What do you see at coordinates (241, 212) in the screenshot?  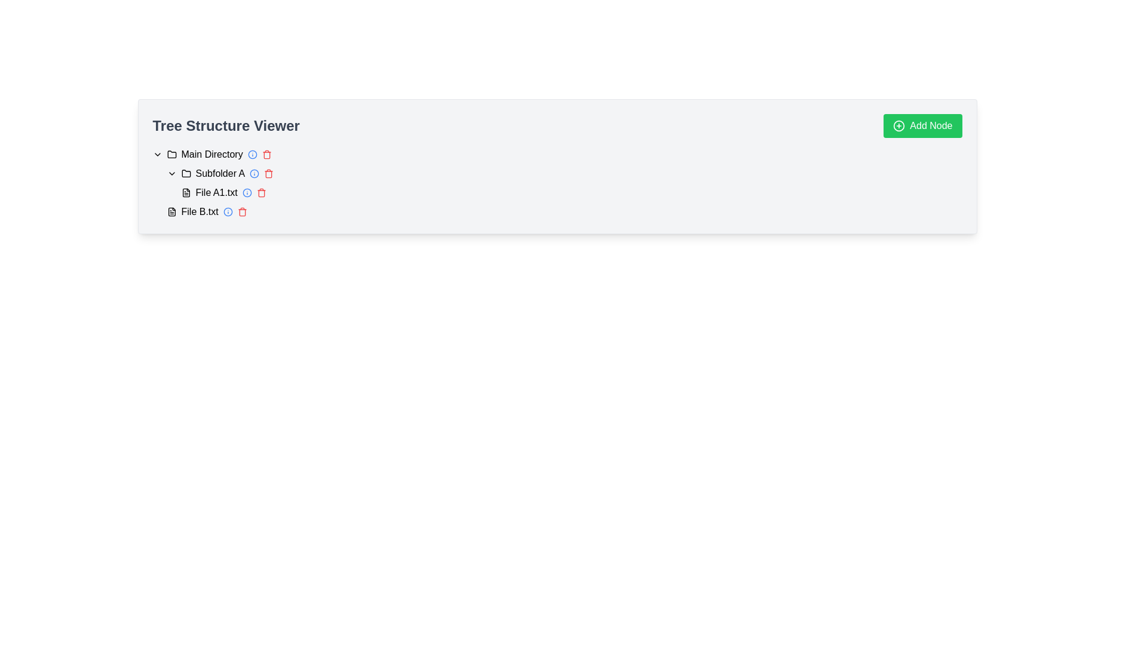 I see `the red beveled rectangle-shaped icon button with a trash bin symbol, located below 'Subfolder A' and to the right of 'File A1.txt'` at bounding box center [241, 212].